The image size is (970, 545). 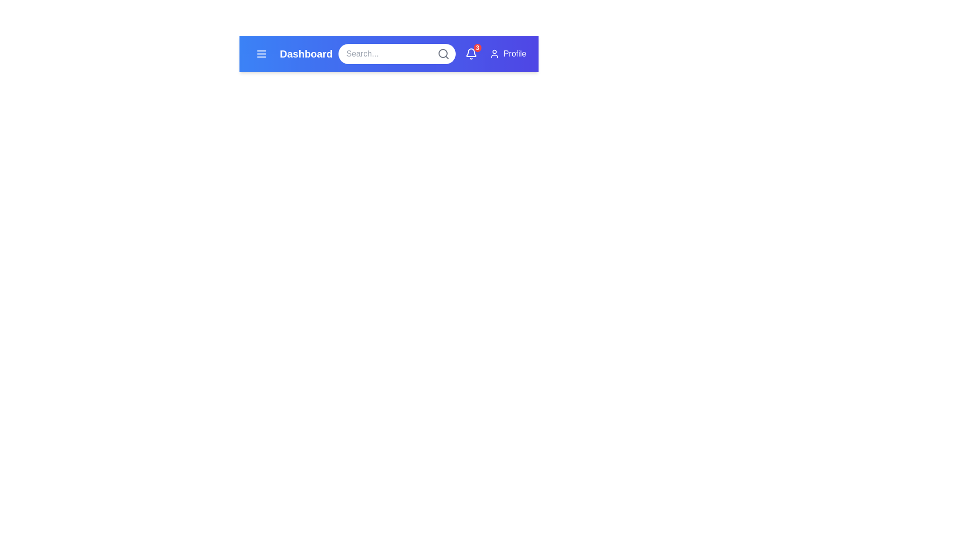 What do you see at coordinates (477, 48) in the screenshot?
I see `the notification badge positioned at the top-right corner of the bell icon in the navigation bar` at bounding box center [477, 48].